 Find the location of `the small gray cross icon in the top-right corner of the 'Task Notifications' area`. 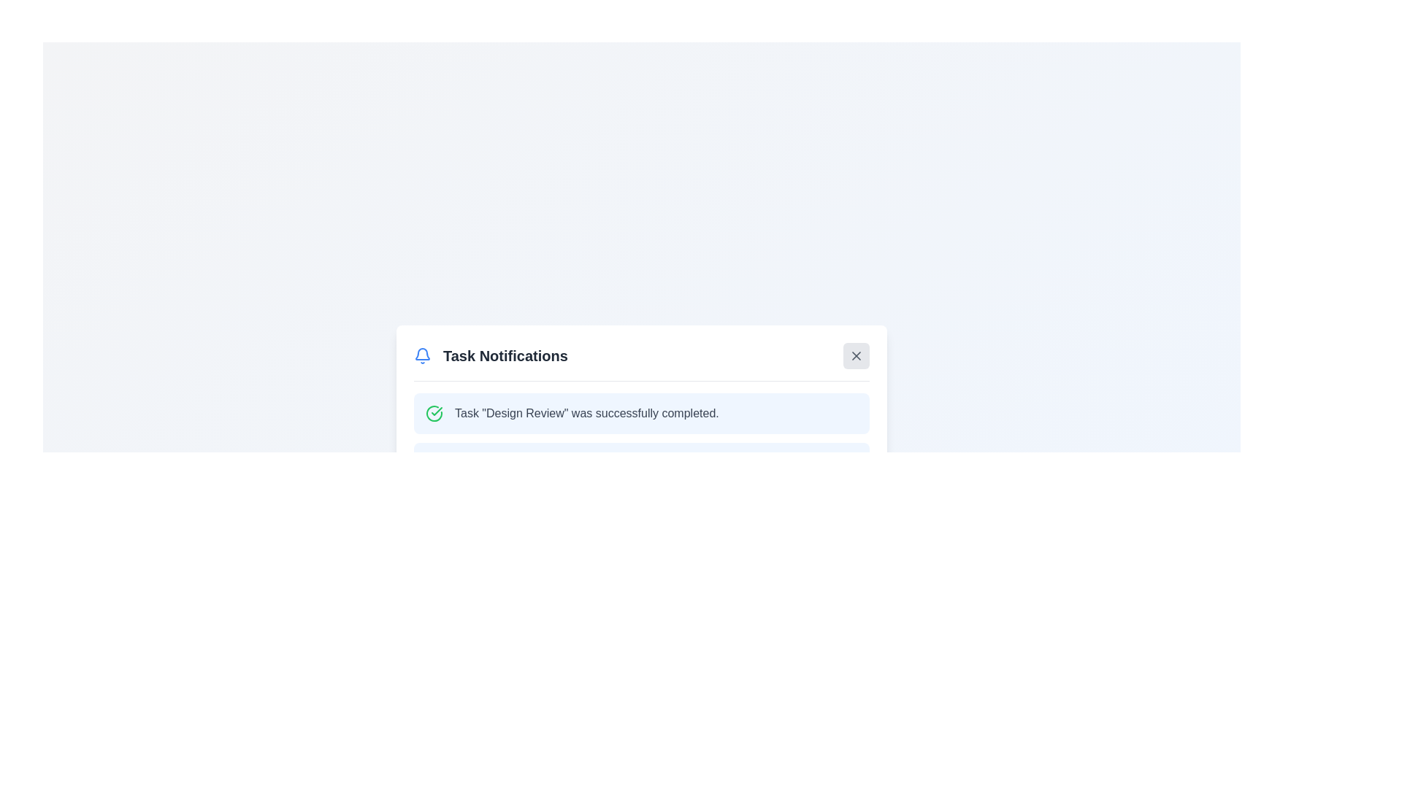

the small gray cross icon in the top-right corner of the 'Task Notifications' area is located at coordinates (856, 355).